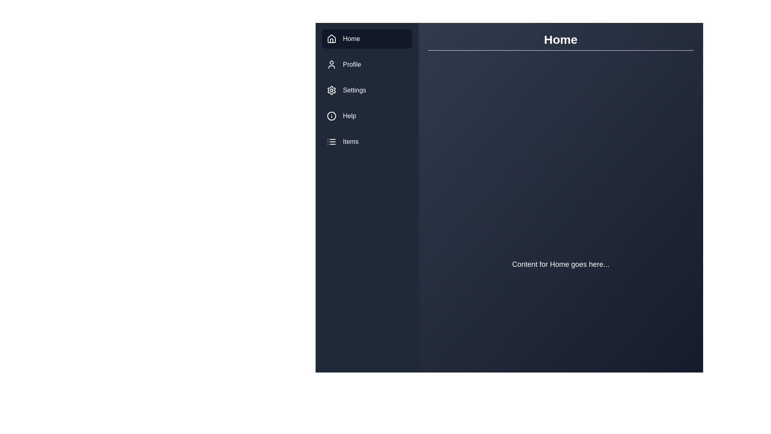  I want to click on the menu item Settings to navigate to its section, so click(366, 90).